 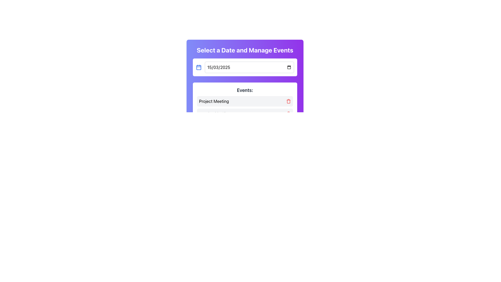 I want to click on the middle segment of the trash can icon, so click(x=288, y=102).